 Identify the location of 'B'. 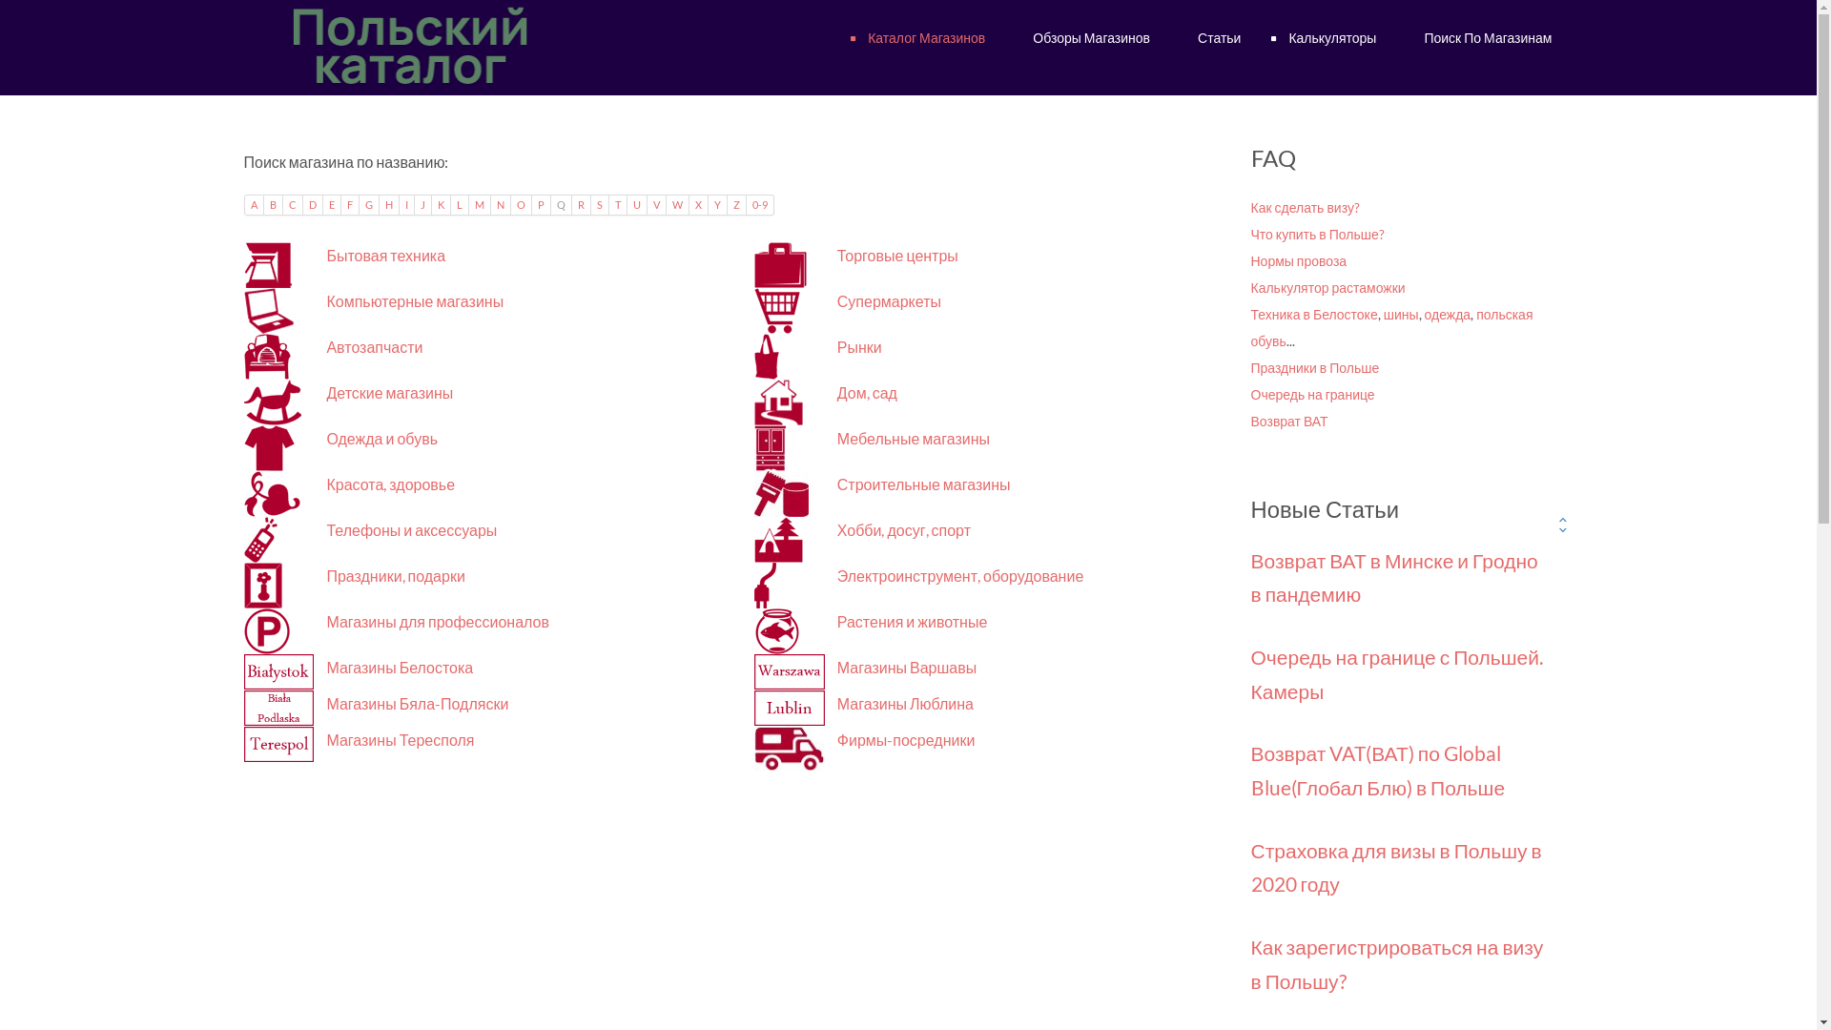
(261, 205).